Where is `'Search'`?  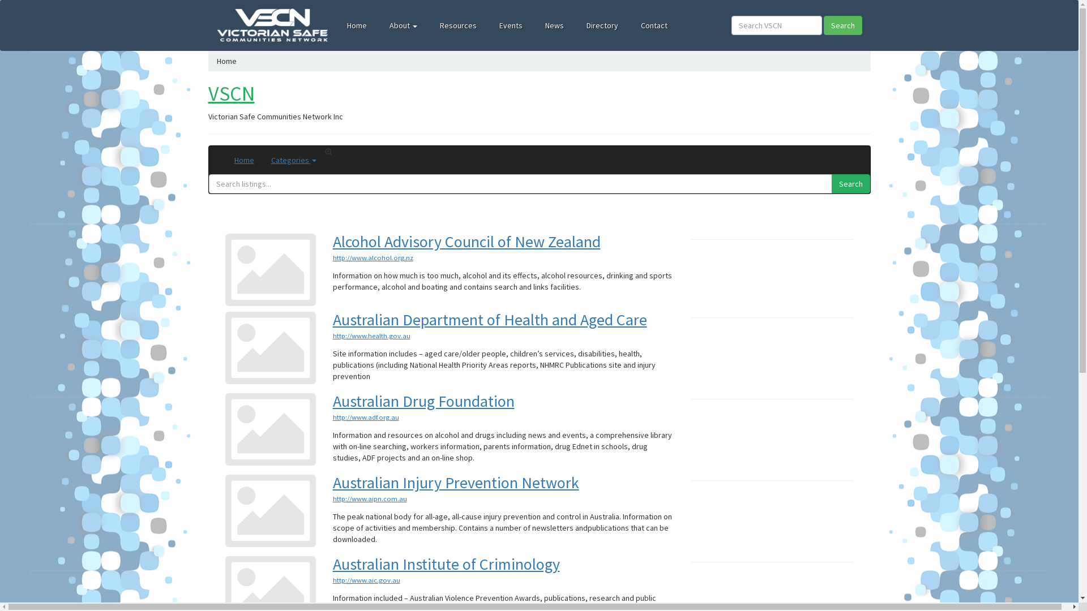 'Search' is located at coordinates (850, 183).